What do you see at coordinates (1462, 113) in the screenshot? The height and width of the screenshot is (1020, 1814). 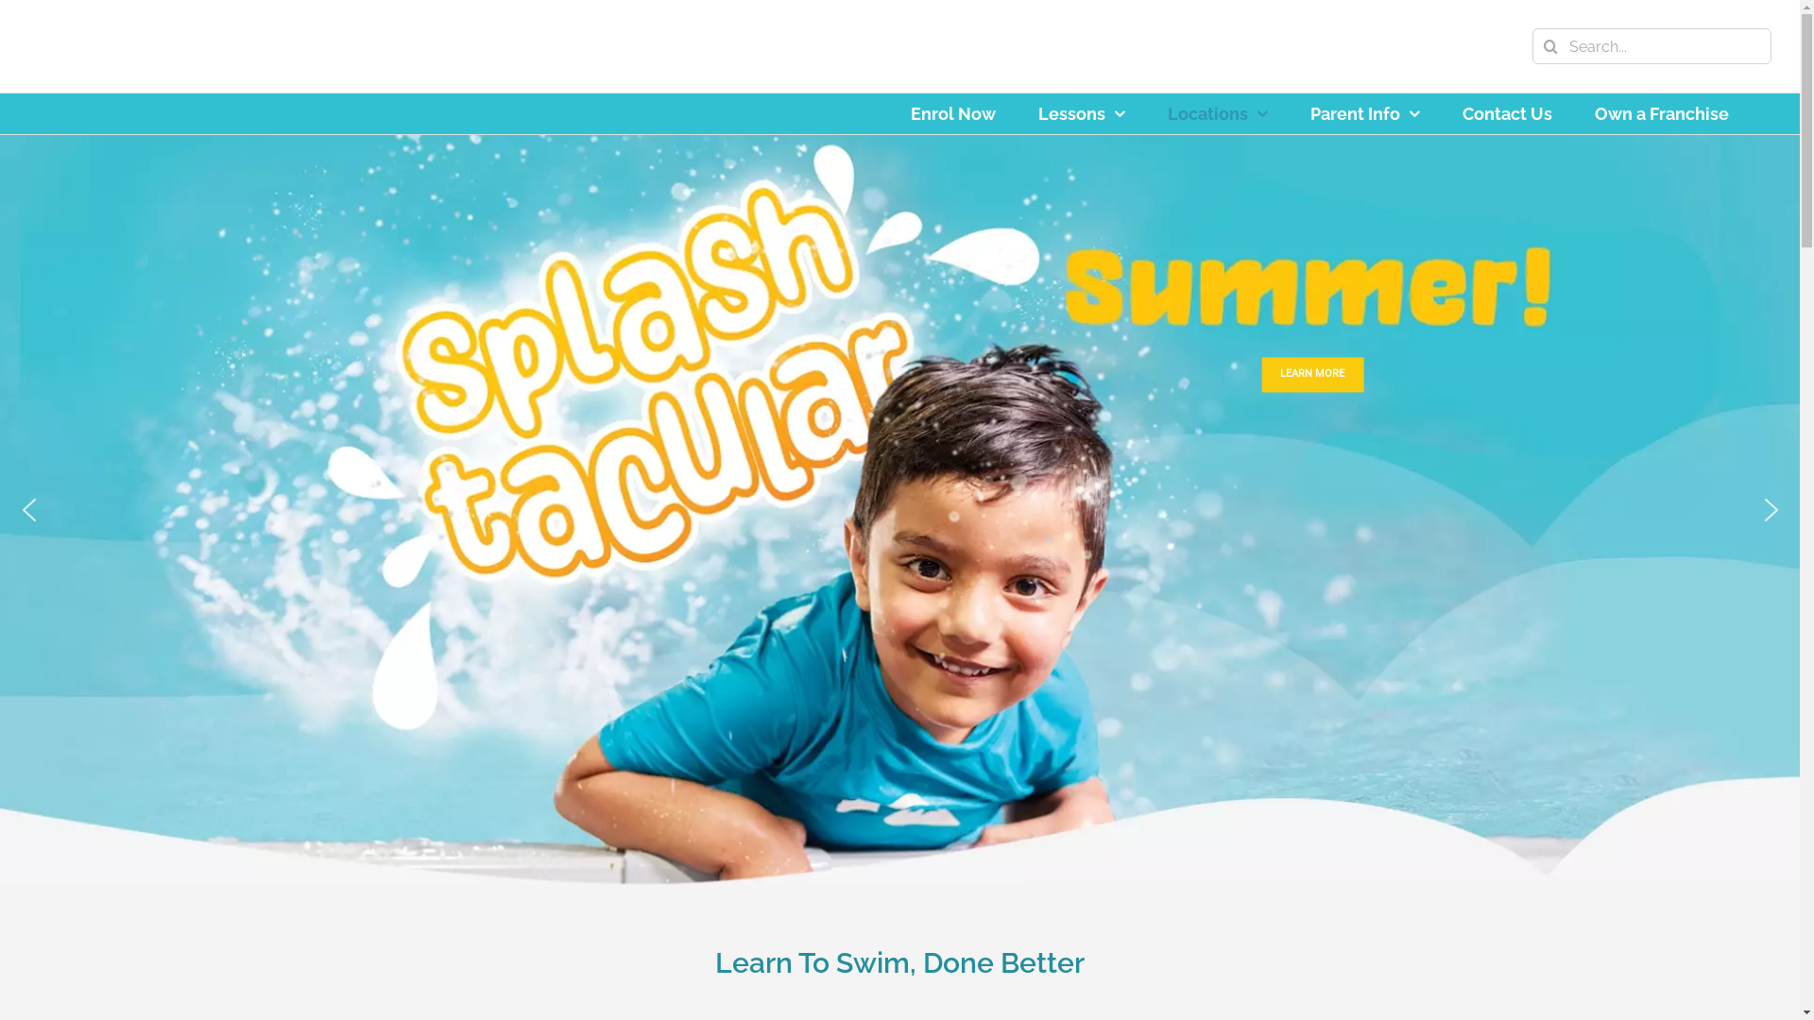 I see `'Contact Us'` at bounding box center [1462, 113].